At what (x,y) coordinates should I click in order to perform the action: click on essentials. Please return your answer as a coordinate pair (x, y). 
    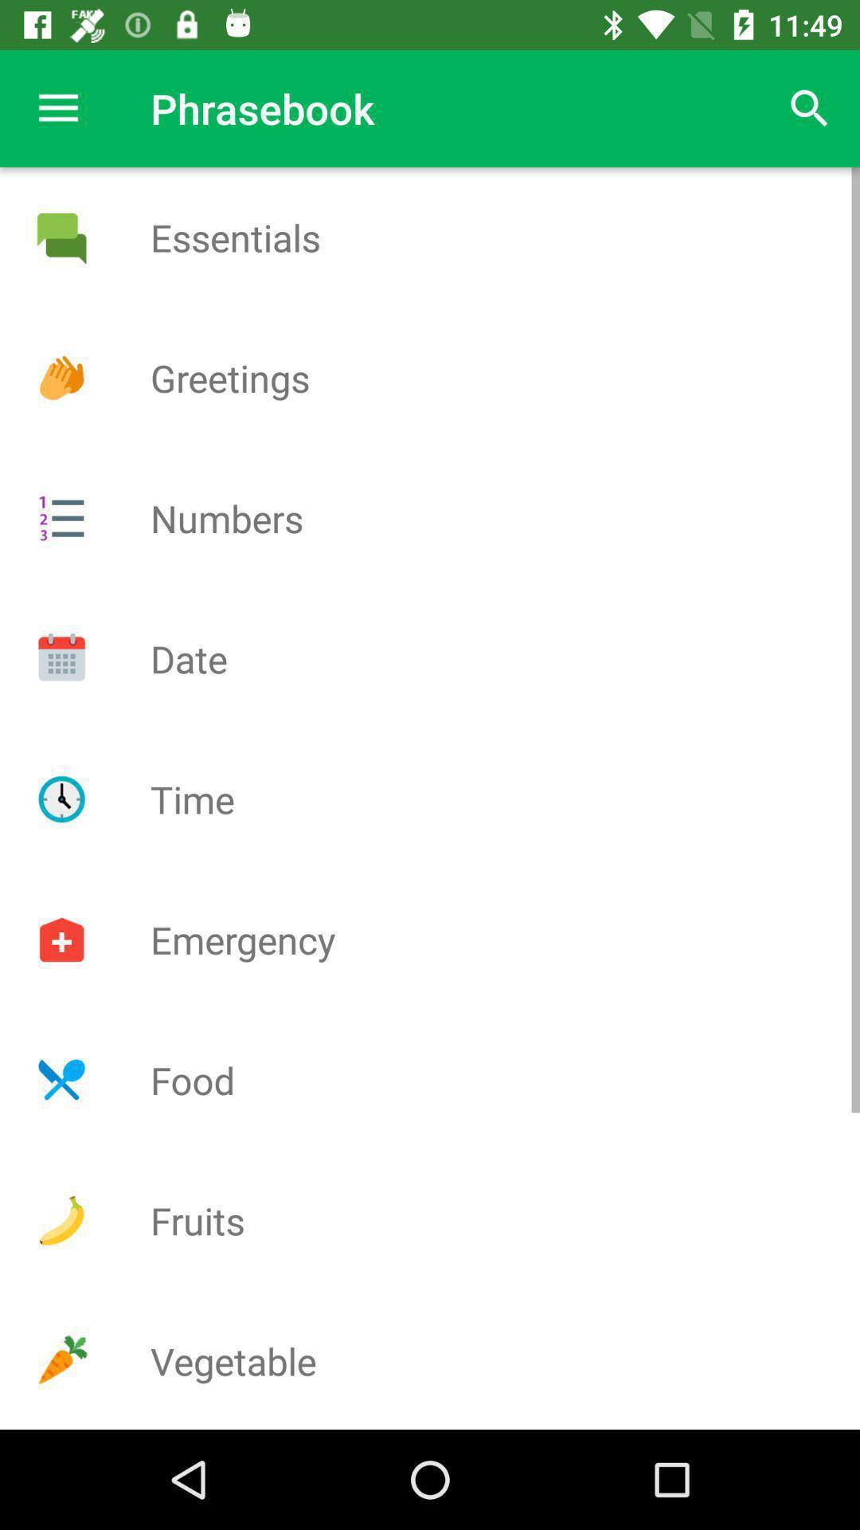
    Looking at the image, I should click on (61, 237).